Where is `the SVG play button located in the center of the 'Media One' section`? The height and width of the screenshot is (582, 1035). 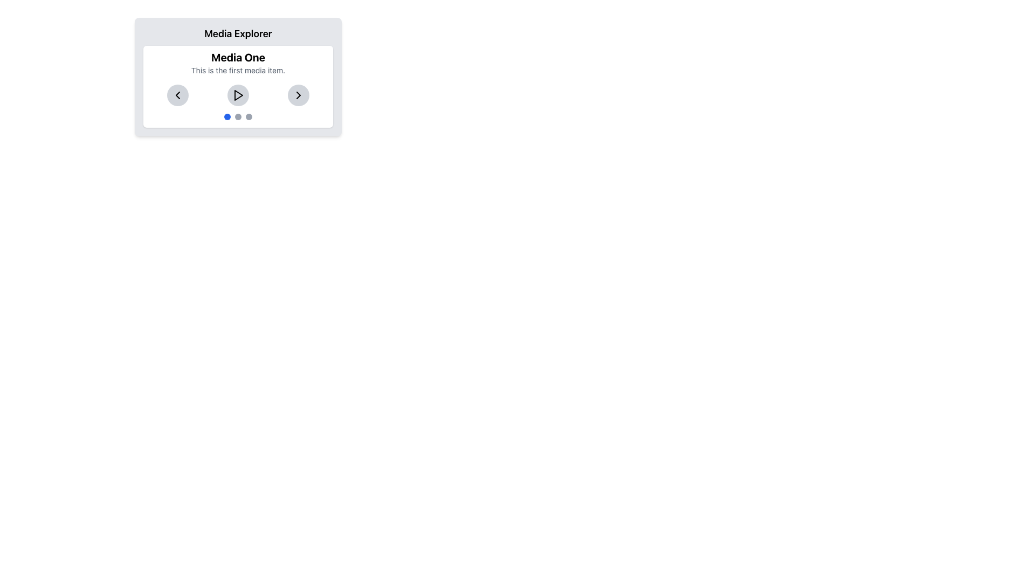 the SVG play button located in the center of the 'Media One' section is located at coordinates (237, 95).